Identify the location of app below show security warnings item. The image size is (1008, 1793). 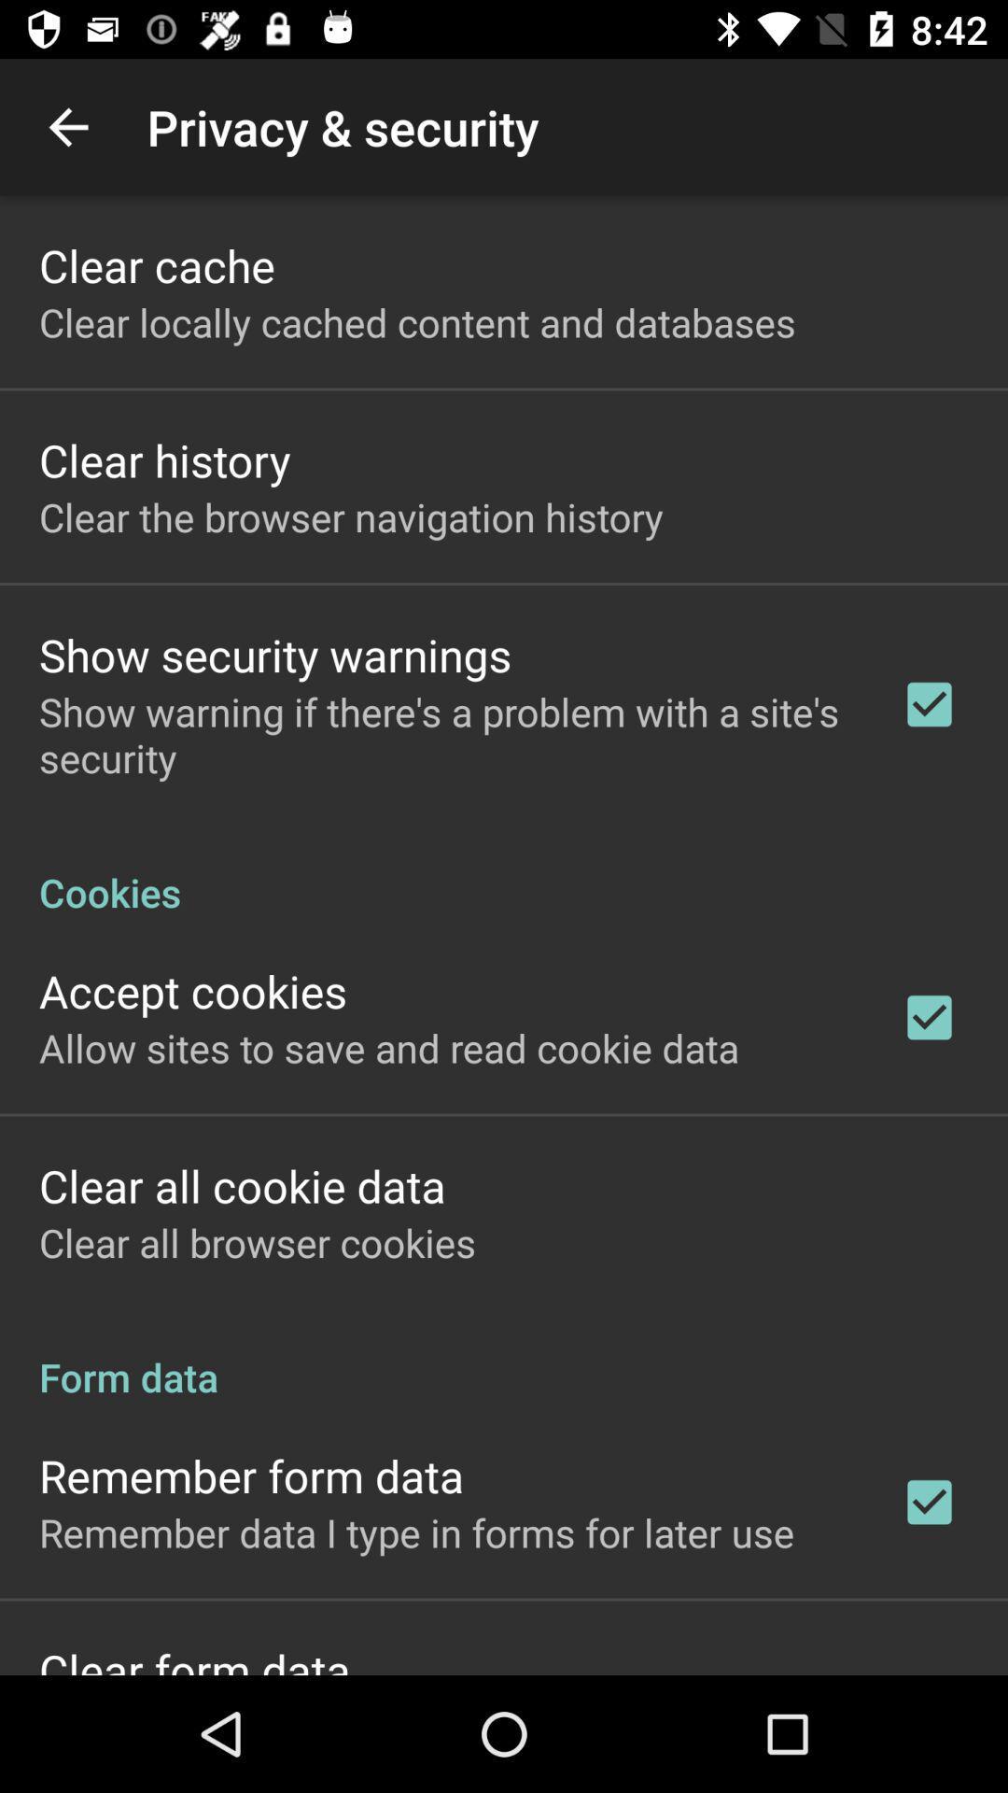
(445, 733).